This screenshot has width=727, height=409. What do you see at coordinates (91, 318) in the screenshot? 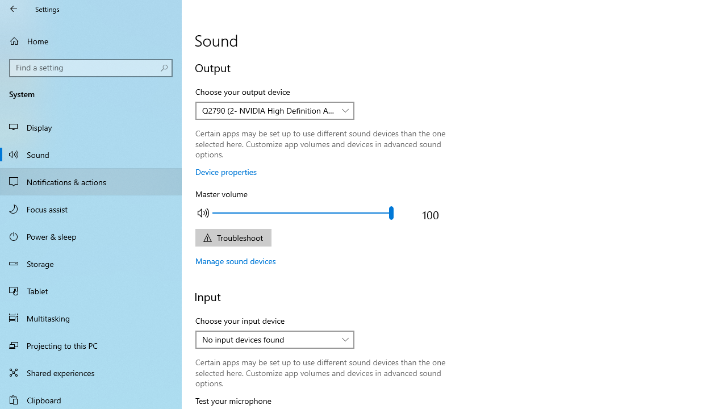
I see `'Multitasking'` at bounding box center [91, 318].